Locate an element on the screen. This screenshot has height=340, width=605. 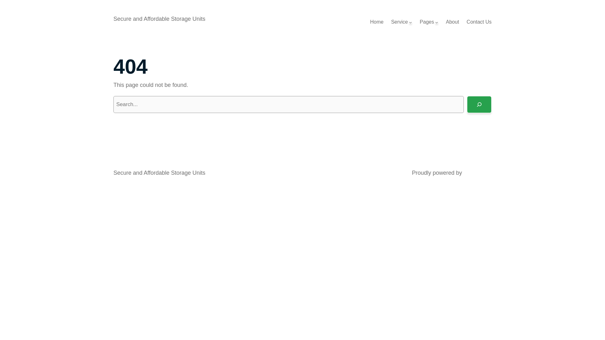
'Pages' is located at coordinates (419, 22).